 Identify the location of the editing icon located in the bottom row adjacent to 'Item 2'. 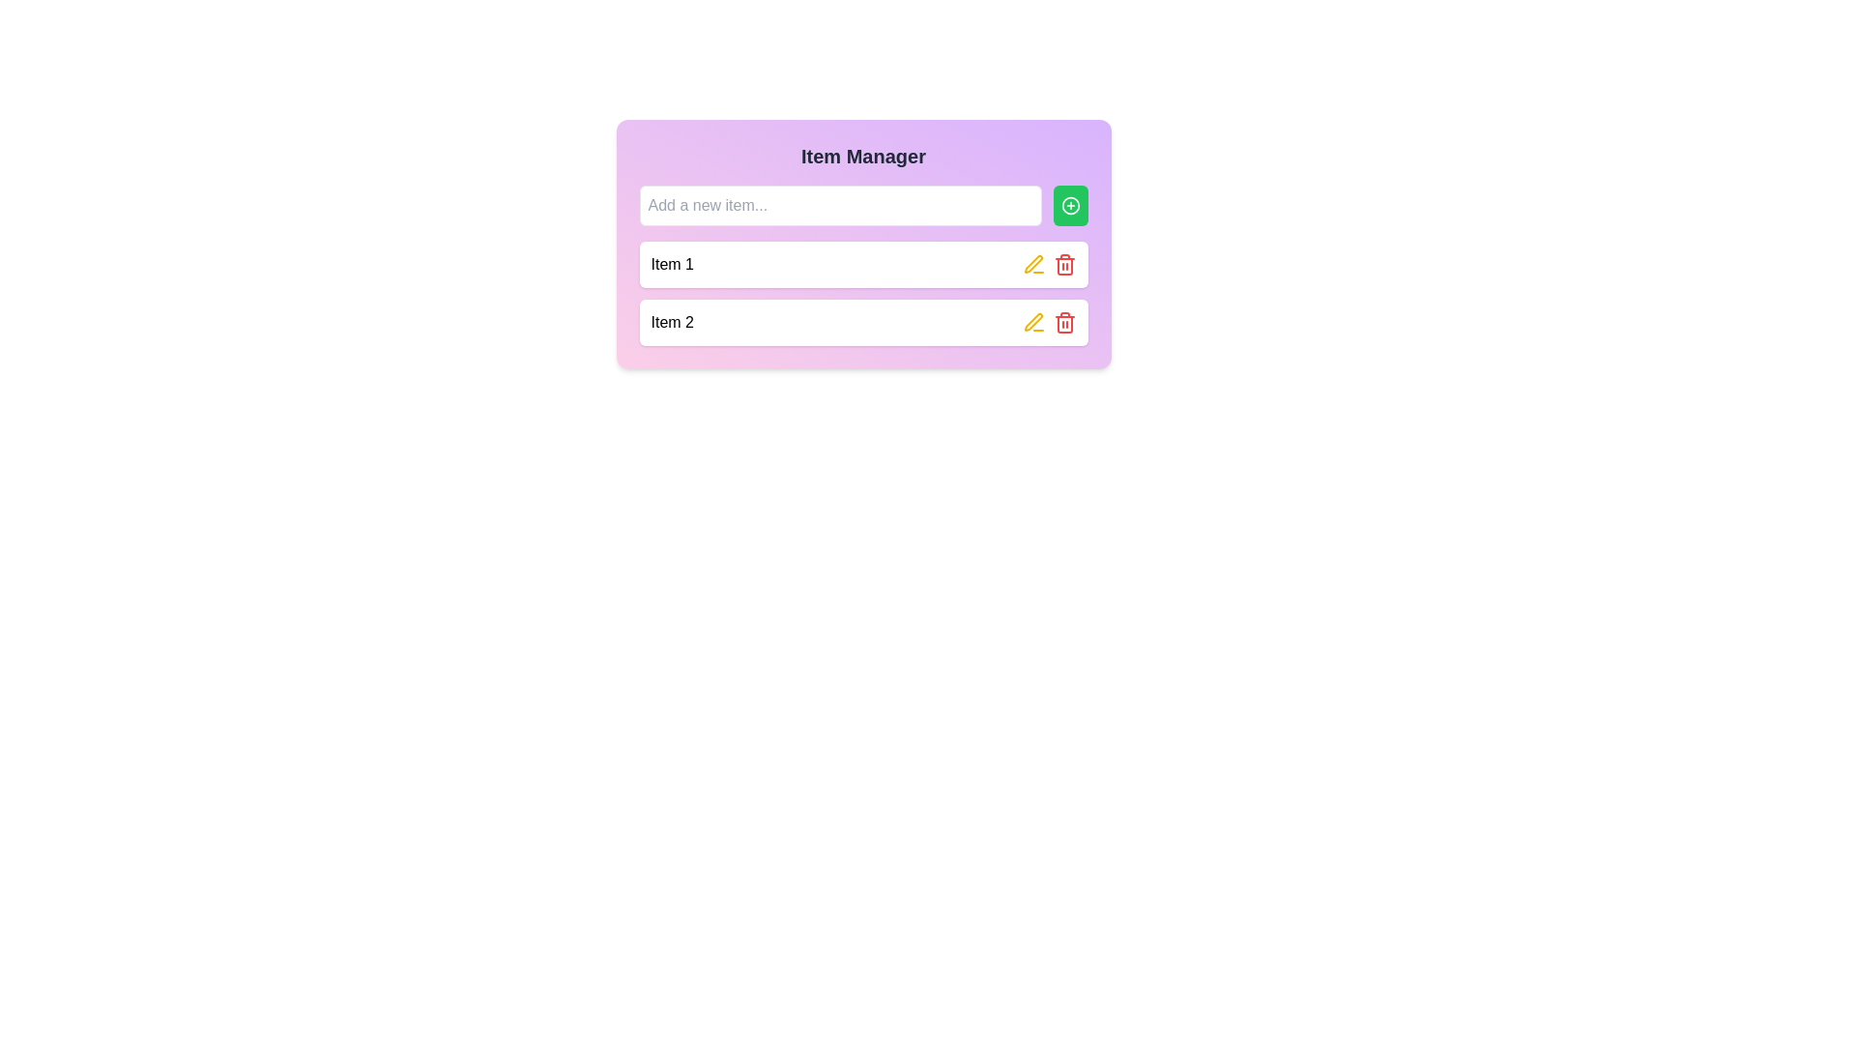
(1032, 264).